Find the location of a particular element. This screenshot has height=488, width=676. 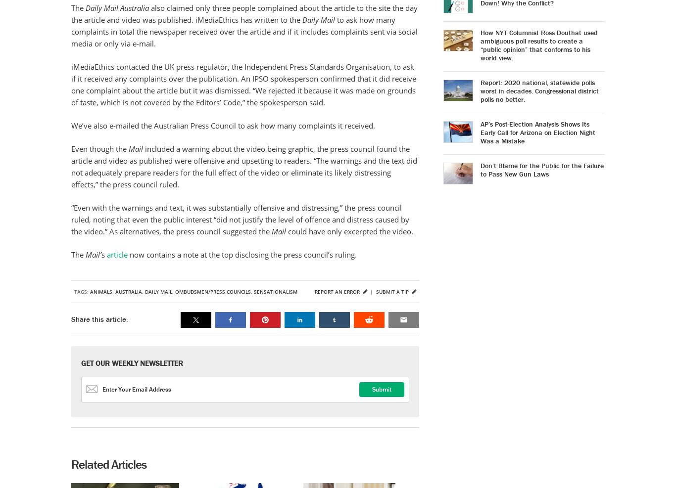

'Related Articles' is located at coordinates (70, 464).